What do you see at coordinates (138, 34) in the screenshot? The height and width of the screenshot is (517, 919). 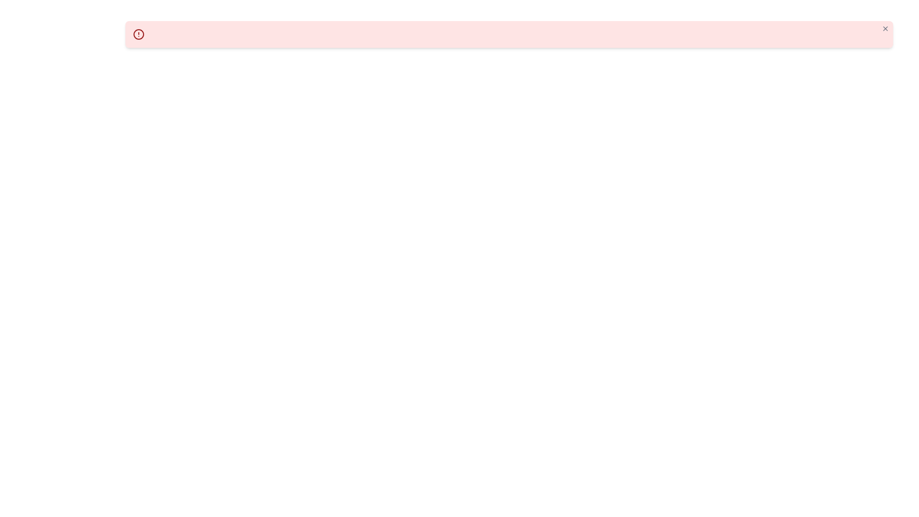 I see `the circle element of the alert icon within the SVG graphic` at bounding box center [138, 34].